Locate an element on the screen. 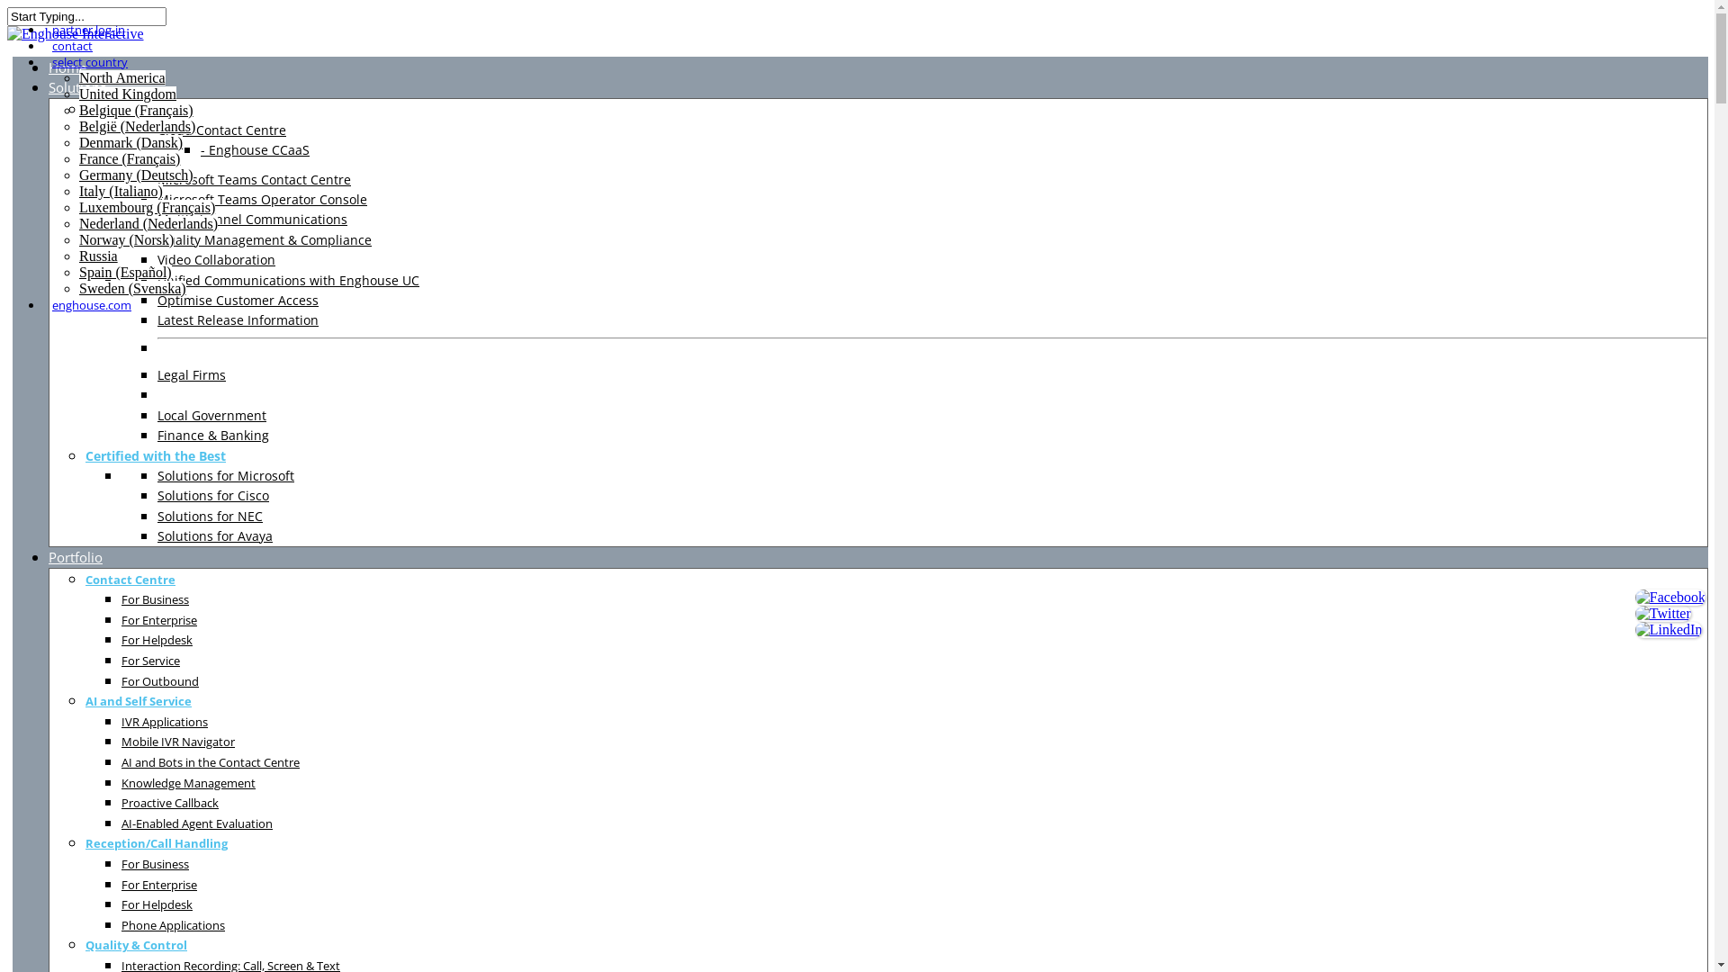 Image resolution: width=1728 pixels, height=972 pixels. 'For Service' is located at coordinates (150, 660).